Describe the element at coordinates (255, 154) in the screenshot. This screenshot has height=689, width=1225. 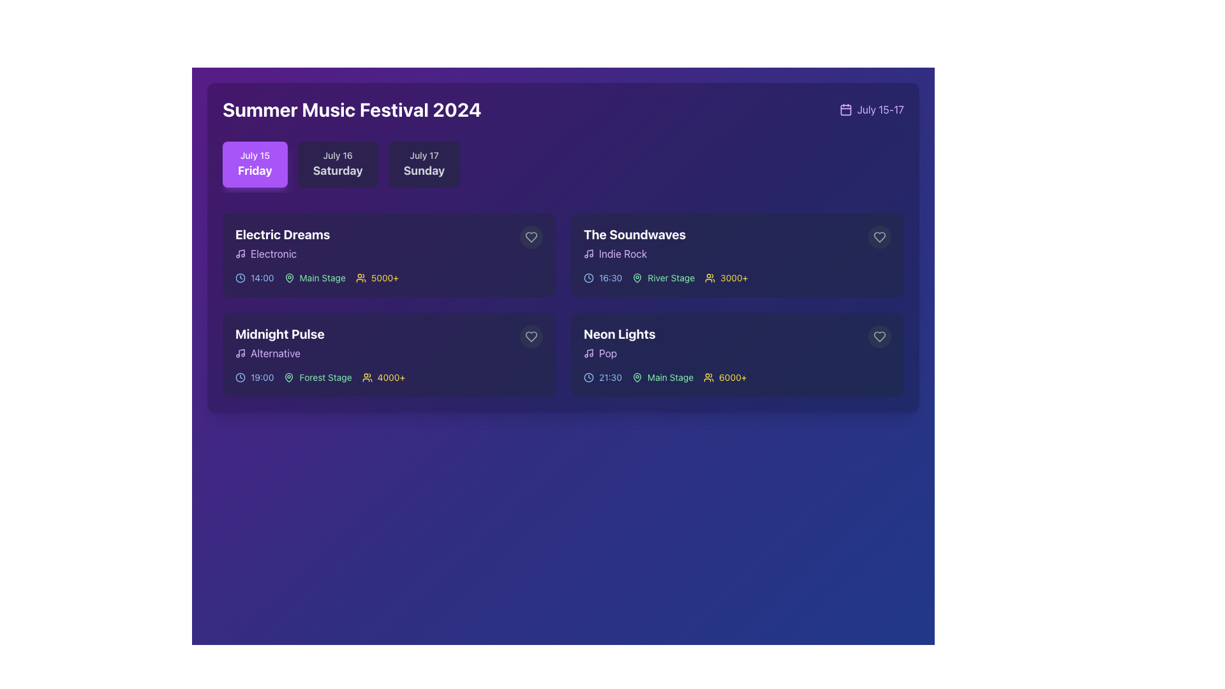
I see `the text label displaying 'July 15', which is styled in white against a purple background and serves as a header above 'Friday'` at that location.